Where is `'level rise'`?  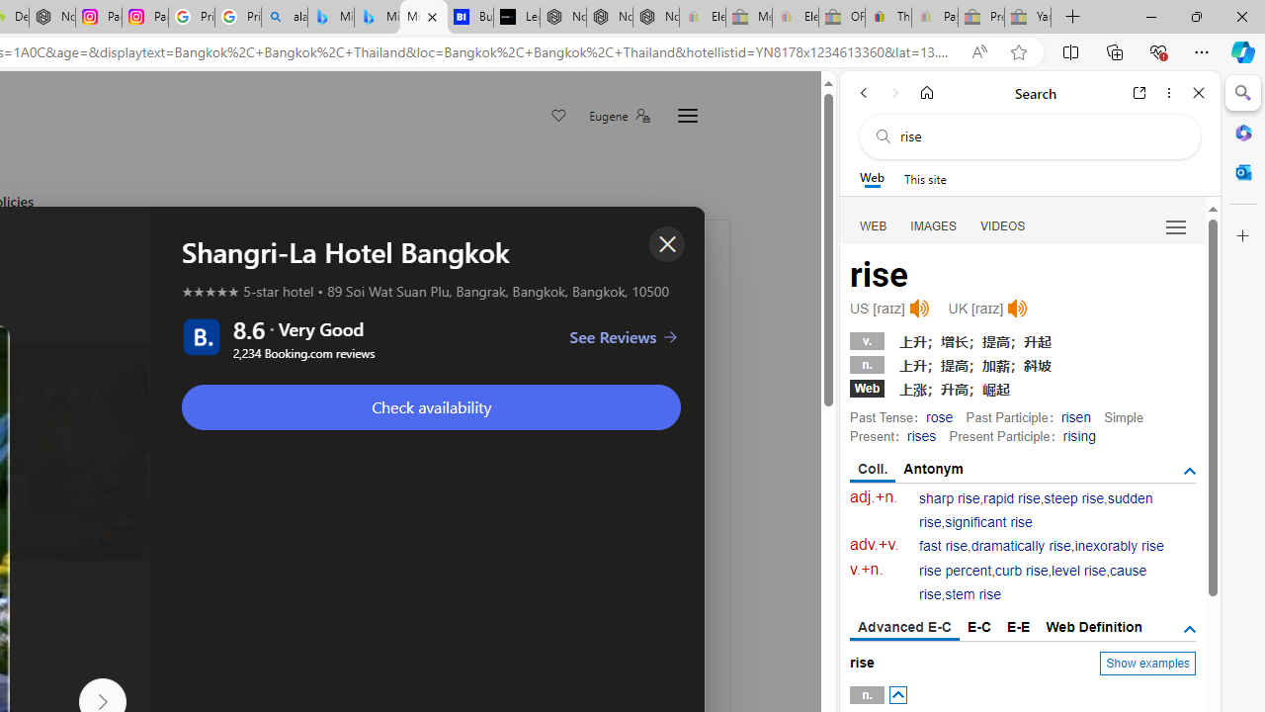 'level rise' is located at coordinates (1077, 571).